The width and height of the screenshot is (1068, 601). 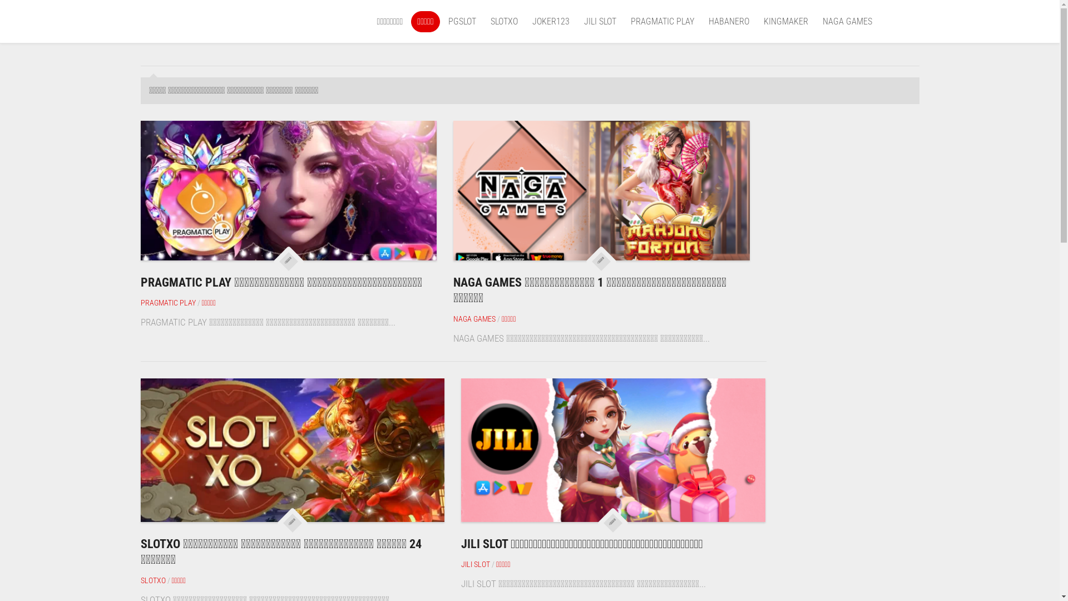 I want to click on 'HABANERO', so click(x=729, y=21).